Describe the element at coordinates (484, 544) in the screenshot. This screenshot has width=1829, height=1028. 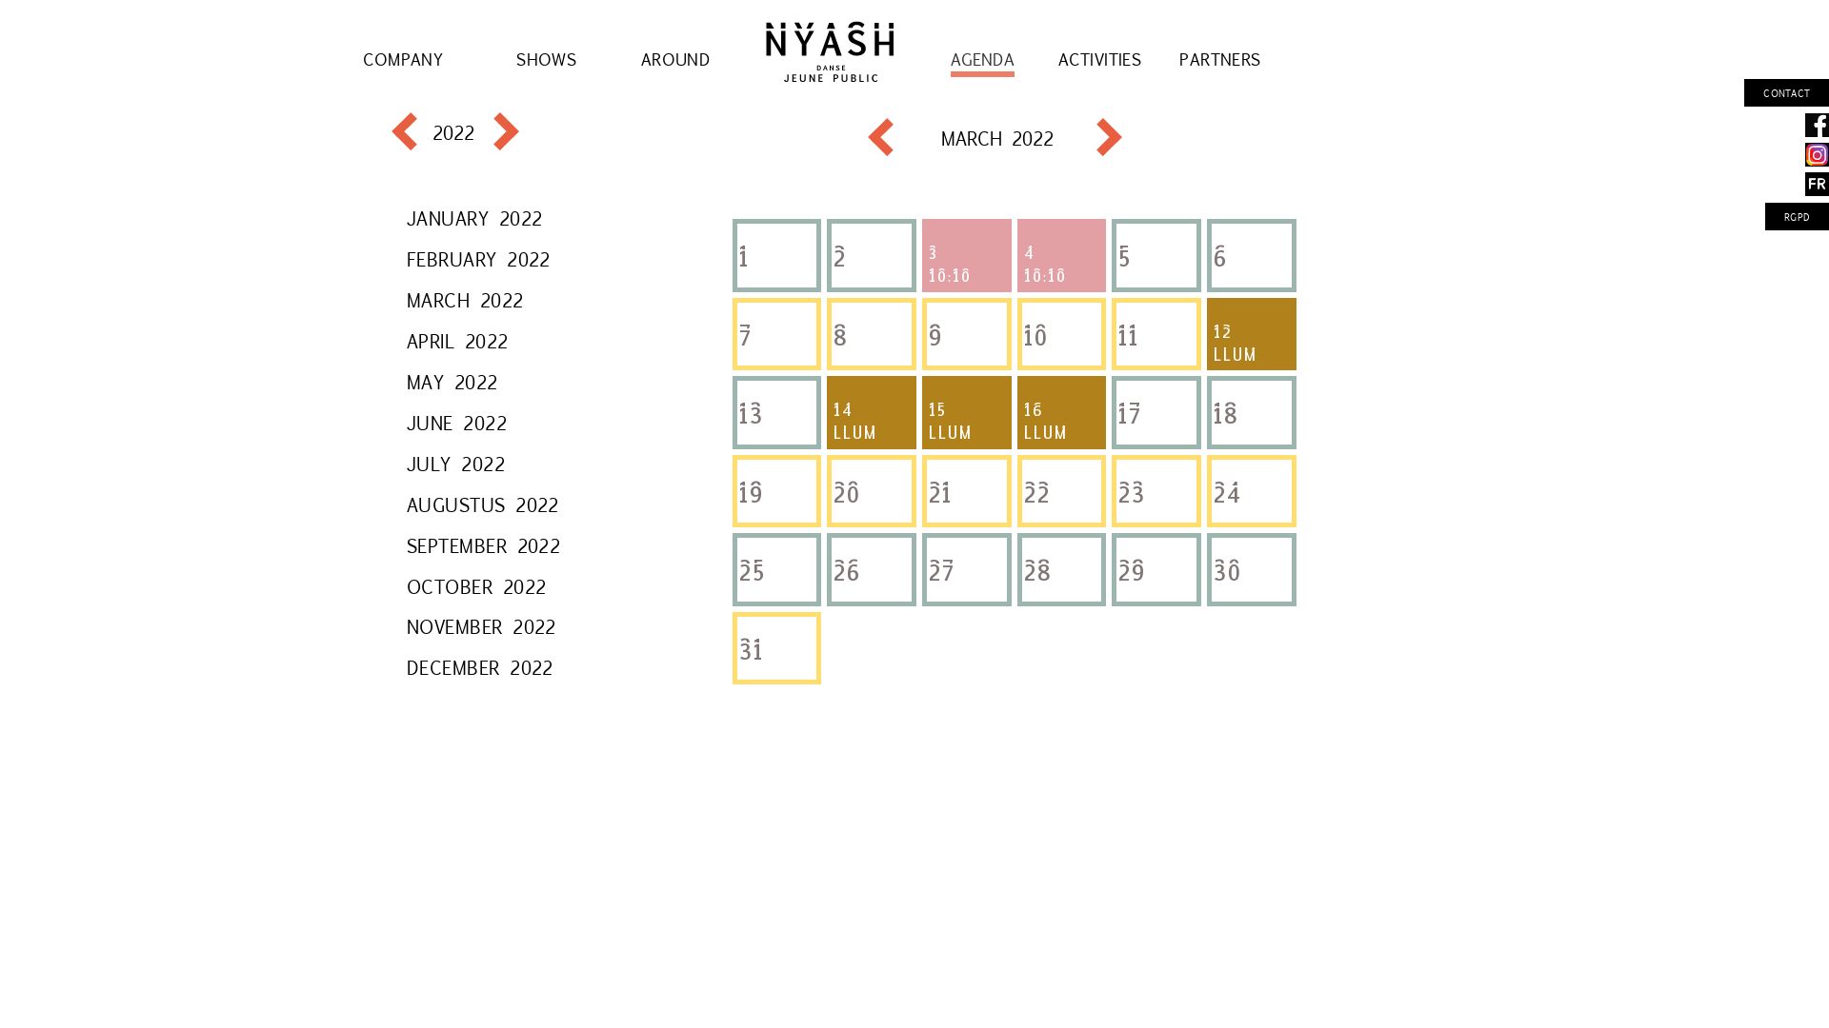
I see `'SEPTEMBER 2022'` at that location.